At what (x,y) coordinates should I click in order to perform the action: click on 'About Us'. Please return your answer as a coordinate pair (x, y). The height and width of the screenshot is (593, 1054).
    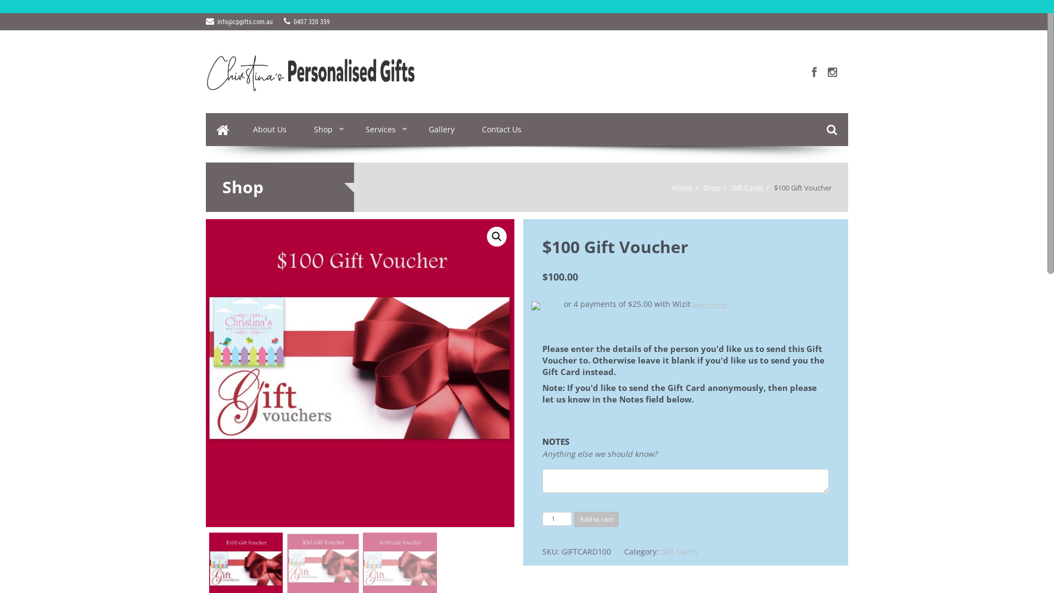
    Looking at the image, I should click on (270, 128).